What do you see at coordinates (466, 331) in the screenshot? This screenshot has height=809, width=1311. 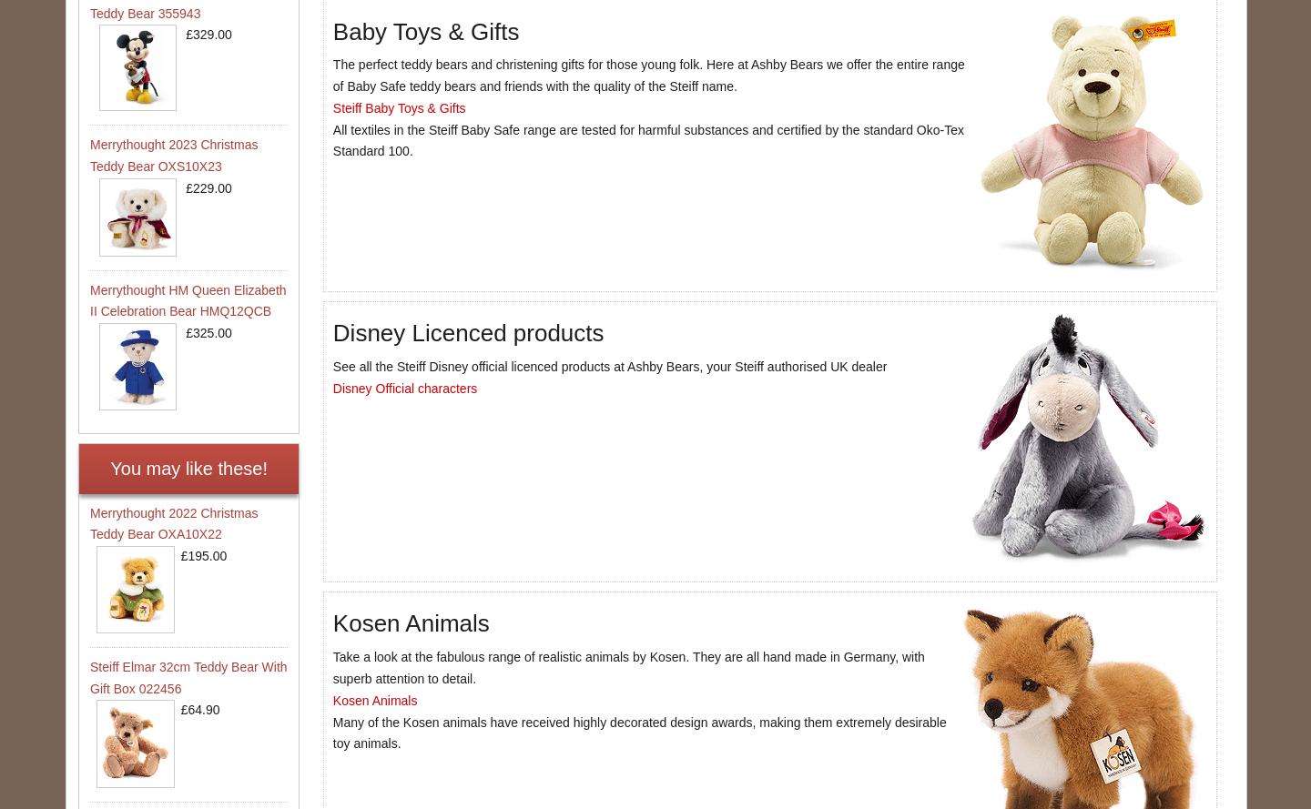 I see `'Disney Licenced products'` at bounding box center [466, 331].